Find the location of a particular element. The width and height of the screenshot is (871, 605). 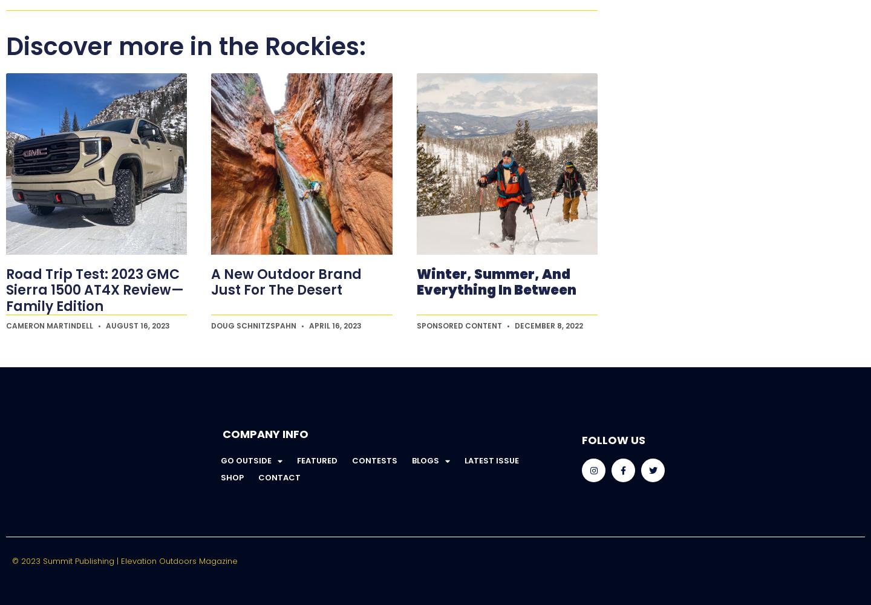

'Contests' is located at coordinates (373, 460).